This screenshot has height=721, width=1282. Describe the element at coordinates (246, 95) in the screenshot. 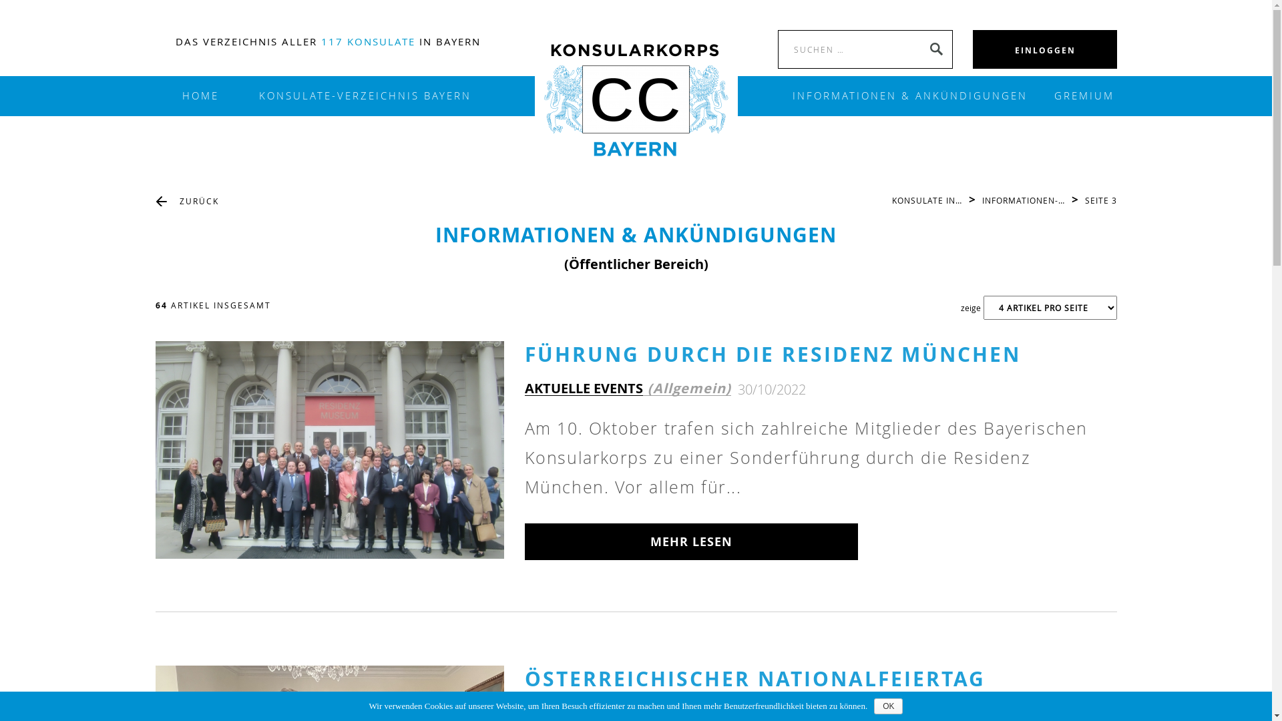

I see `'KONSULATE-VERZEICHNIS BAYERN'` at that location.